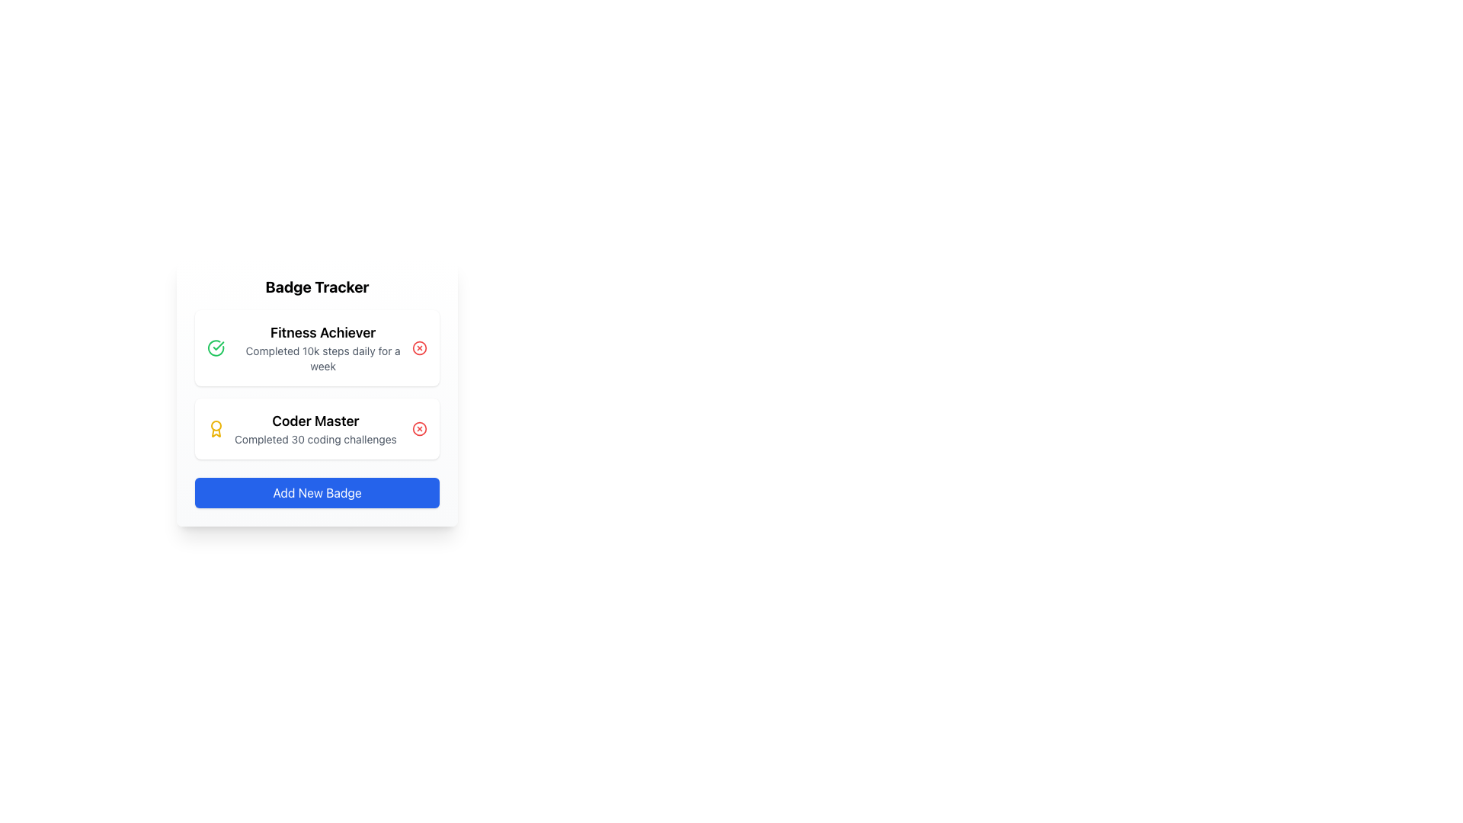 This screenshot has width=1463, height=823. I want to click on the 'Fitness Achiever' badge that displays a green check icon and has text indicating completion of 10k steps daily for a week, so click(309, 347).